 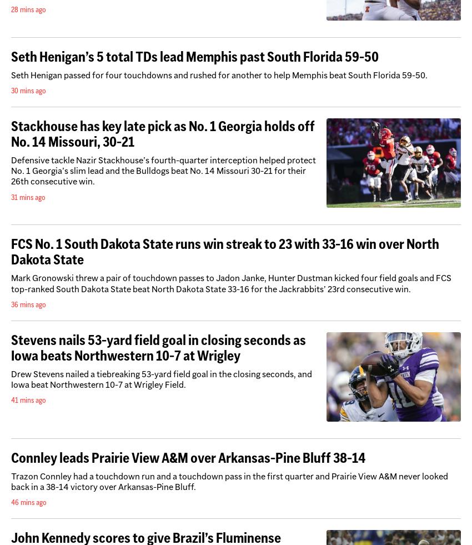 What do you see at coordinates (29, 502) in the screenshot?
I see `'46 mins ago'` at bounding box center [29, 502].